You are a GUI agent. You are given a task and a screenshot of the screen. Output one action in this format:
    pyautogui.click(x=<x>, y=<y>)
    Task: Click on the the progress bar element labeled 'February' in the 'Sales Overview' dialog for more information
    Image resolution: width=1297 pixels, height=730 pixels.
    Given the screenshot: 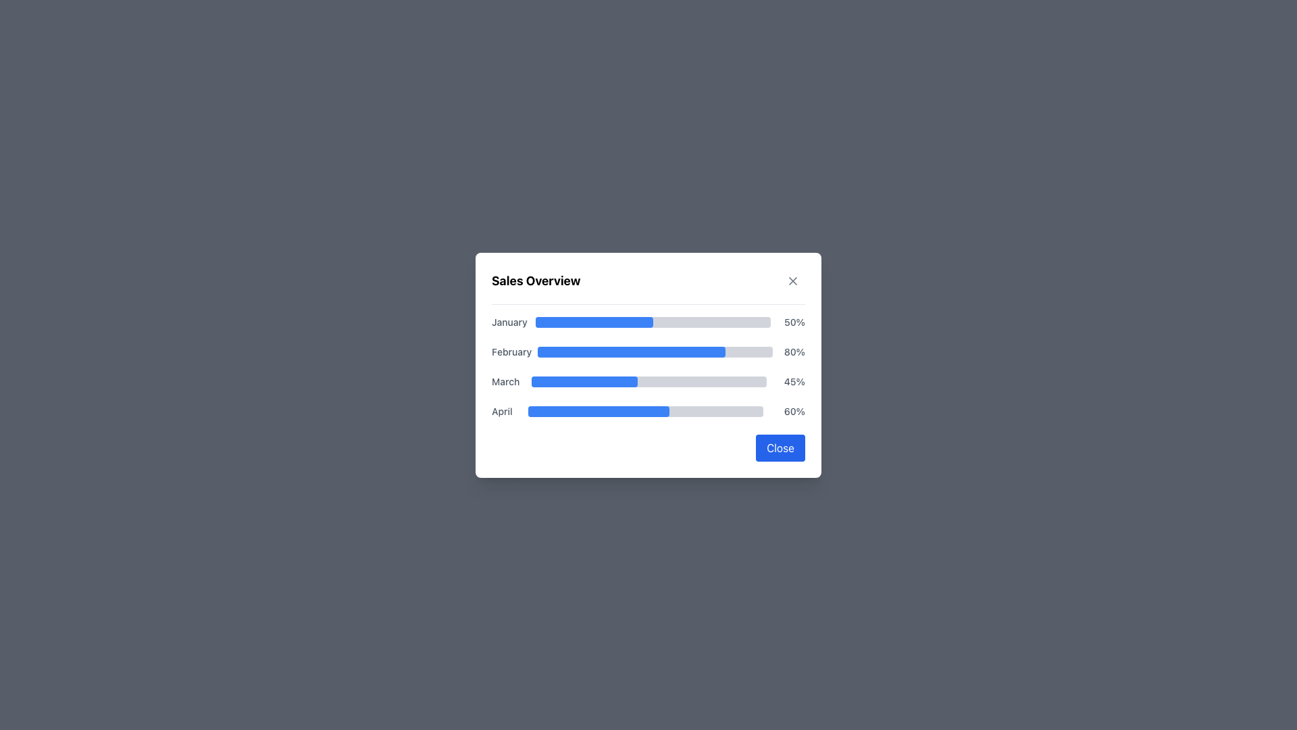 What is the action you would take?
    pyautogui.click(x=648, y=351)
    